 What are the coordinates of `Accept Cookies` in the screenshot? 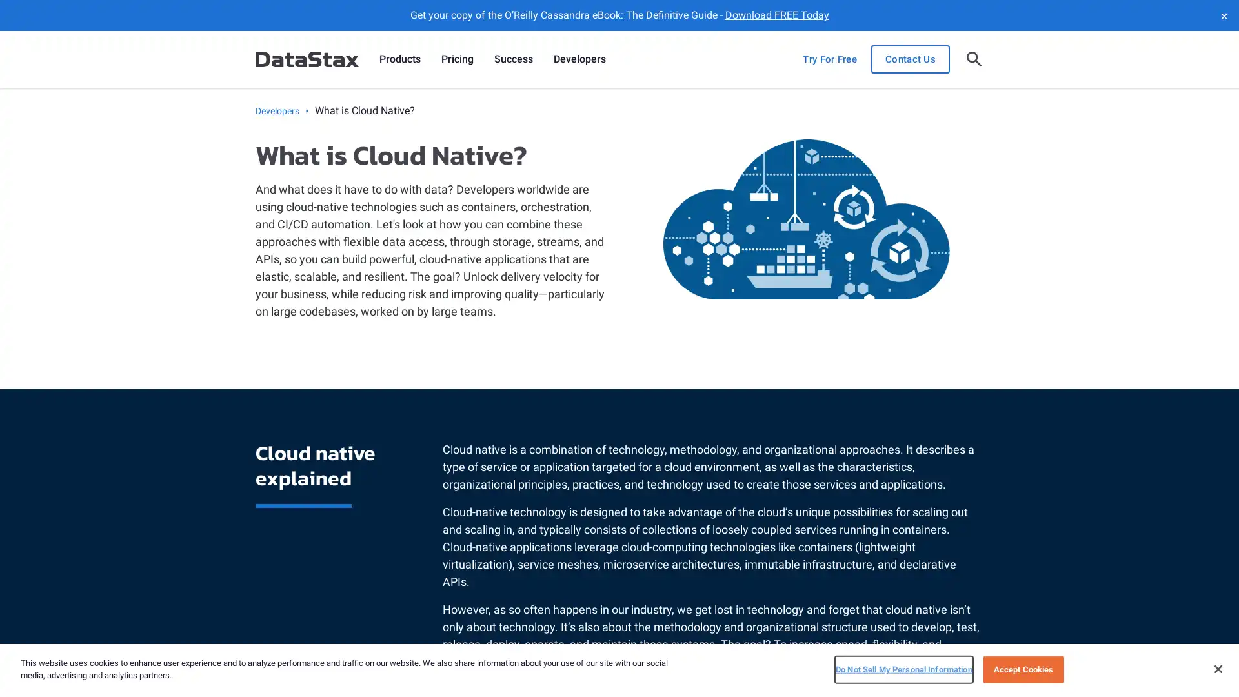 It's located at (1022, 669).